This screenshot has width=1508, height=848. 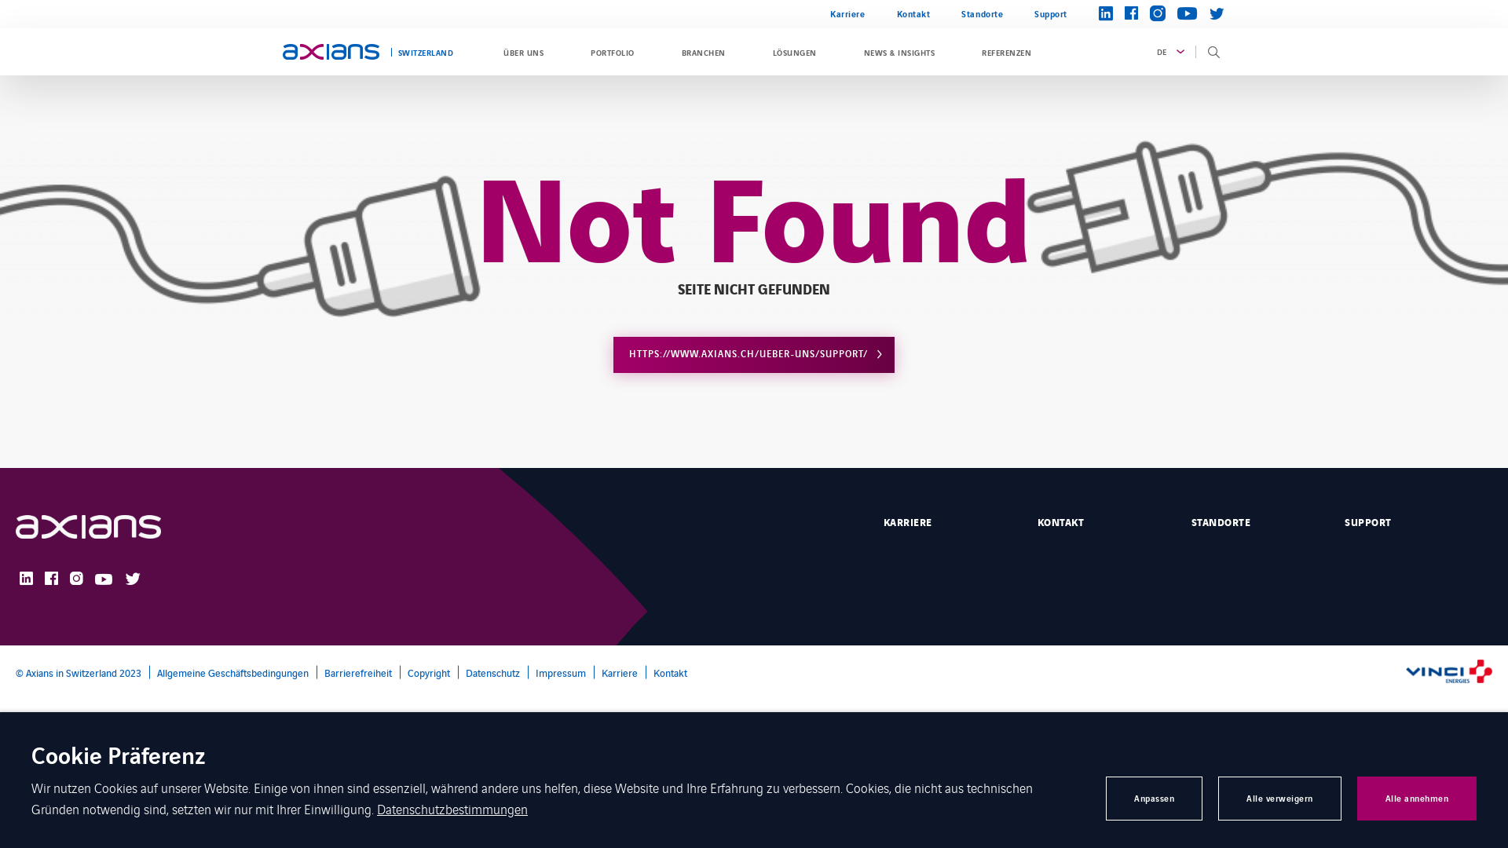 What do you see at coordinates (754, 354) in the screenshot?
I see `'HTTPS://WWW.AXIANS.CH/UEBER-UNS/SUPPORT/'` at bounding box center [754, 354].